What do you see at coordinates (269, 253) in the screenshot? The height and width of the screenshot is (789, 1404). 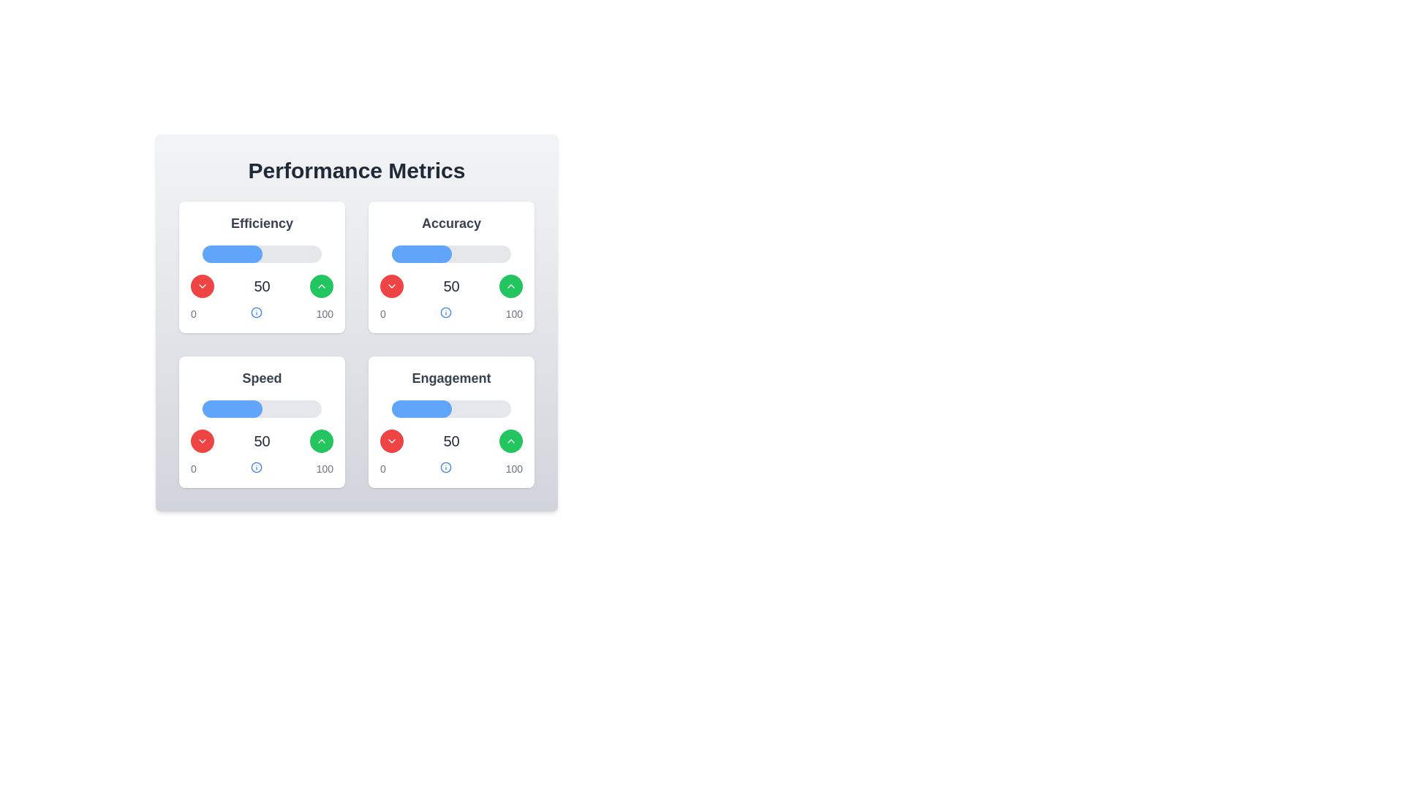 I see `the efficiency value` at bounding box center [269, 253].